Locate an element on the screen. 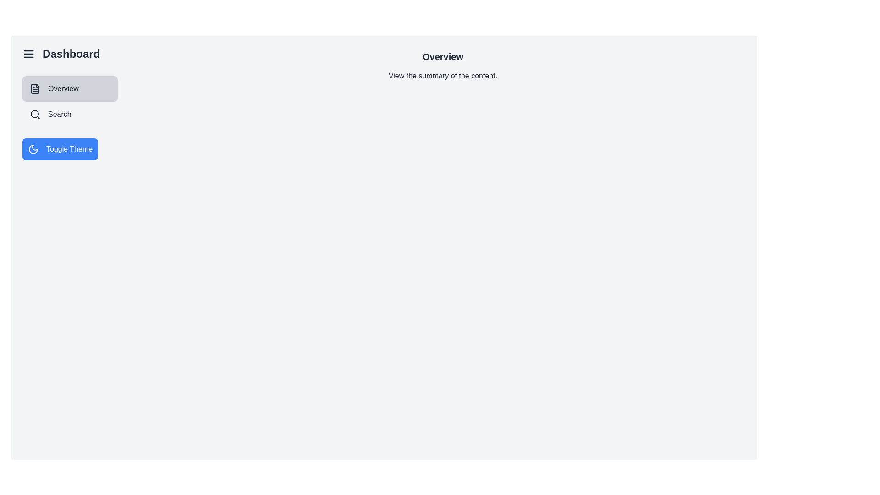  the navigation menu button to toggle the menu is located at coordinates (28, 54).